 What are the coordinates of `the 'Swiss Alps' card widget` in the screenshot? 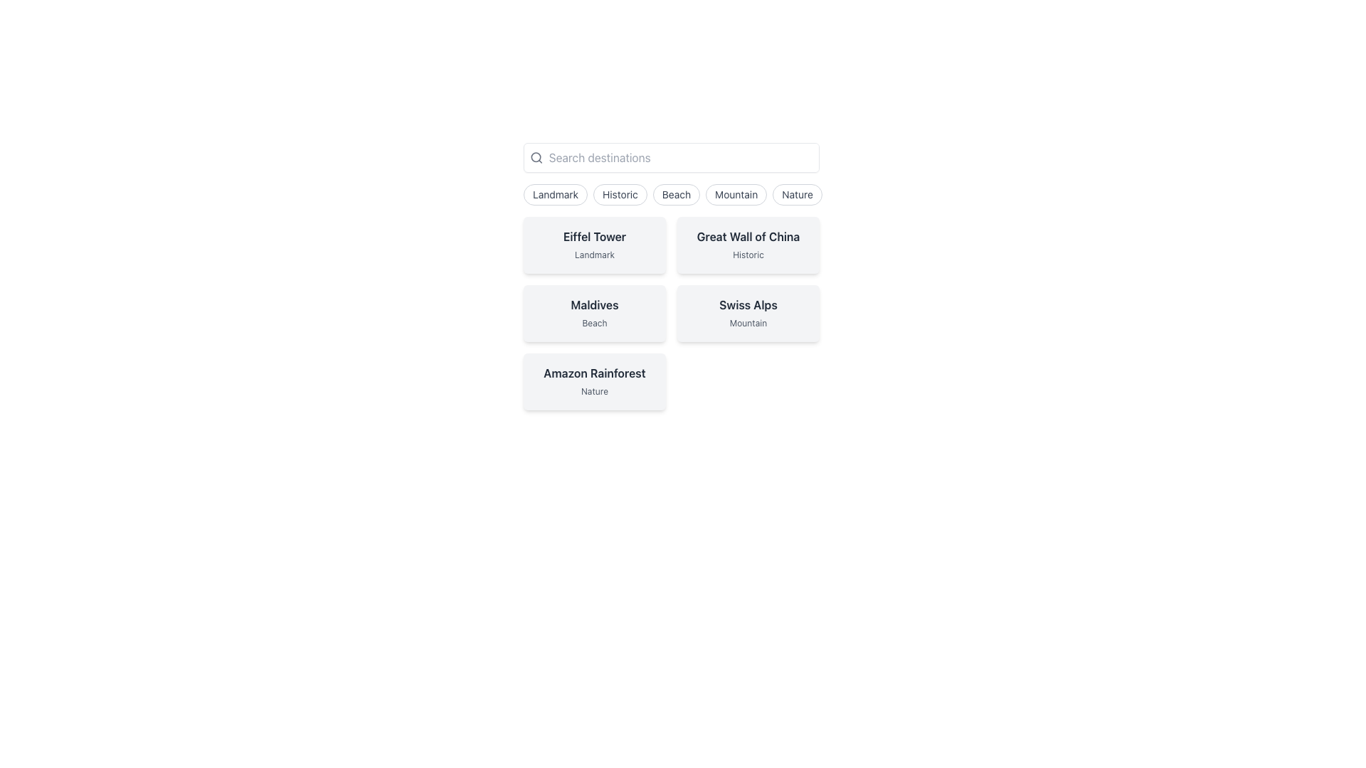 It's located at (747, 312).